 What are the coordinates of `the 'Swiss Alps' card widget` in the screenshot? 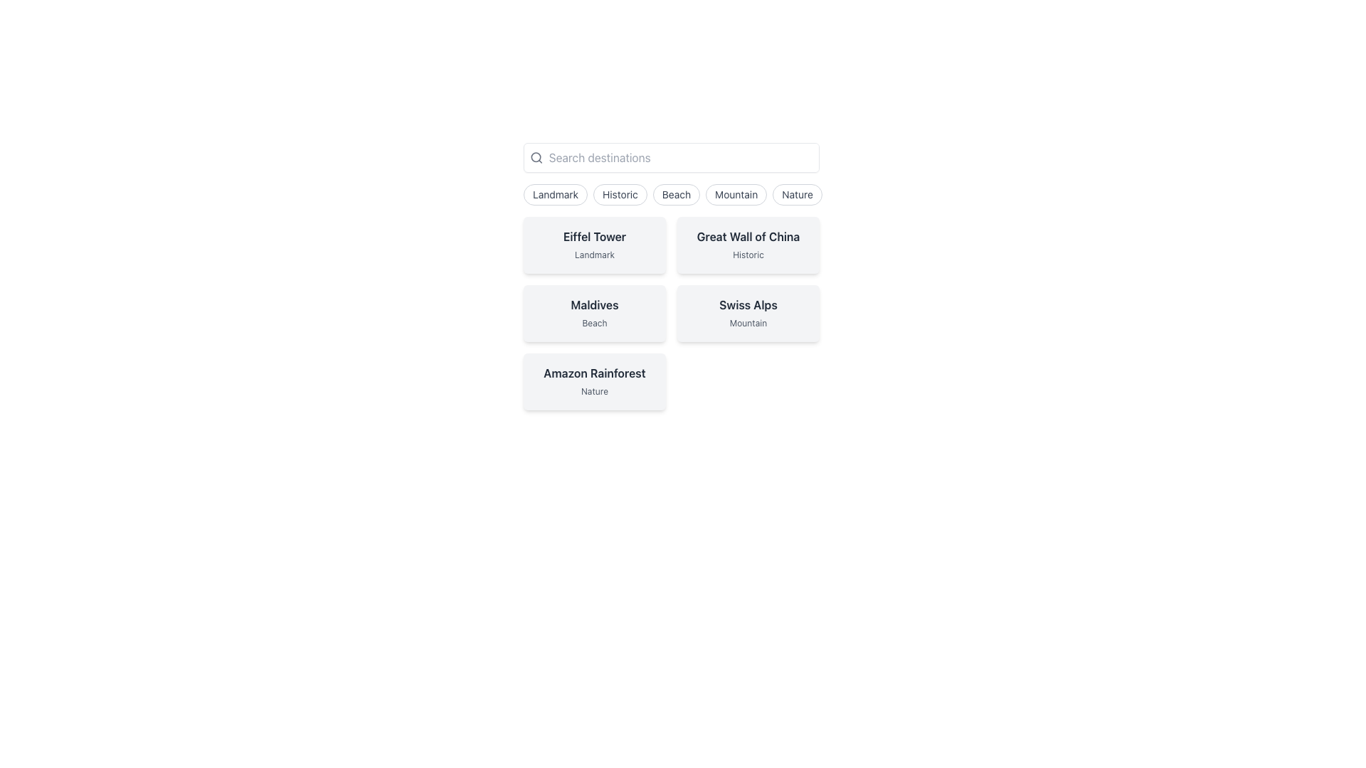 It's located at (747, 312).